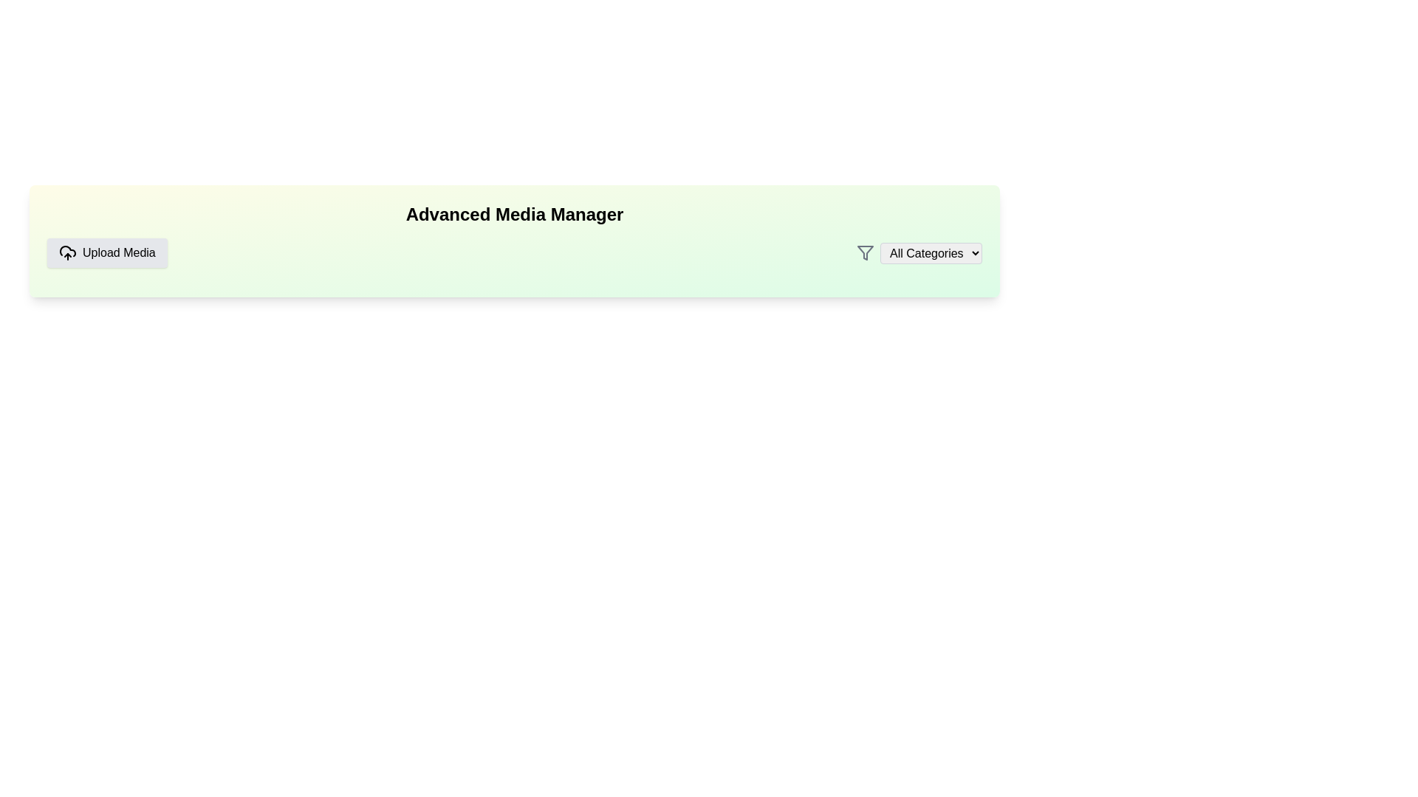 This screenshot has height=797, width=1418. I want to click on the upload button located at the leftmost side of the horizontal toolbar, so click(106, 252).